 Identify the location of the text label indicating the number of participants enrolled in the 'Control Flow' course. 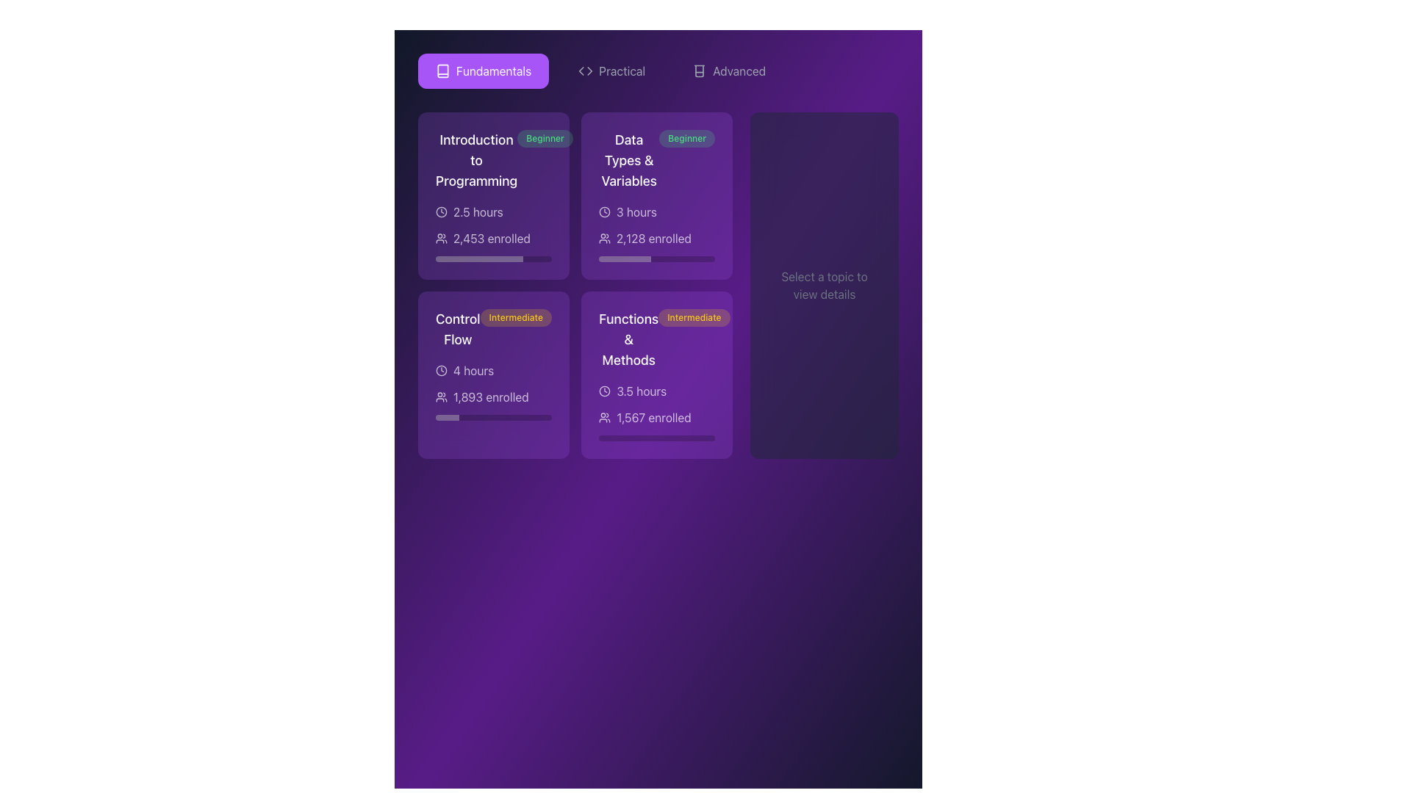
(491, 396).